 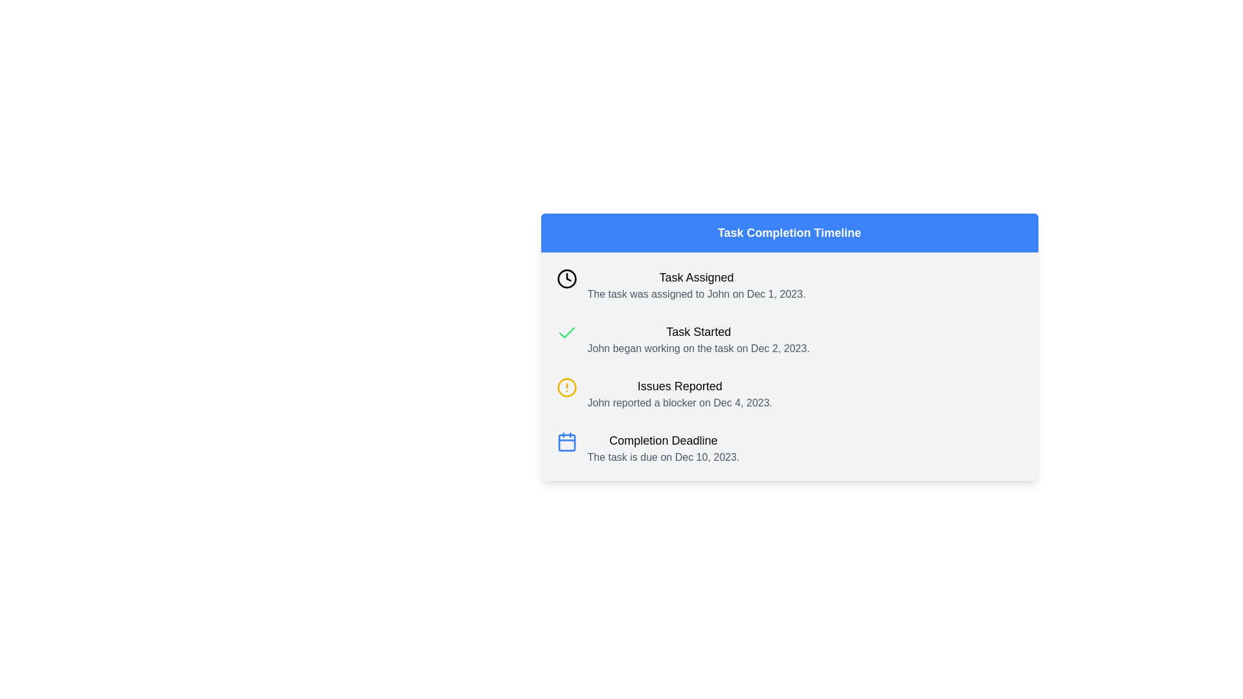 I want to click on the Header or Title element with a blue background and white bold text reading 'Task Completion Timeline' by moving the mouse to its center, so click(x=789, y=233).